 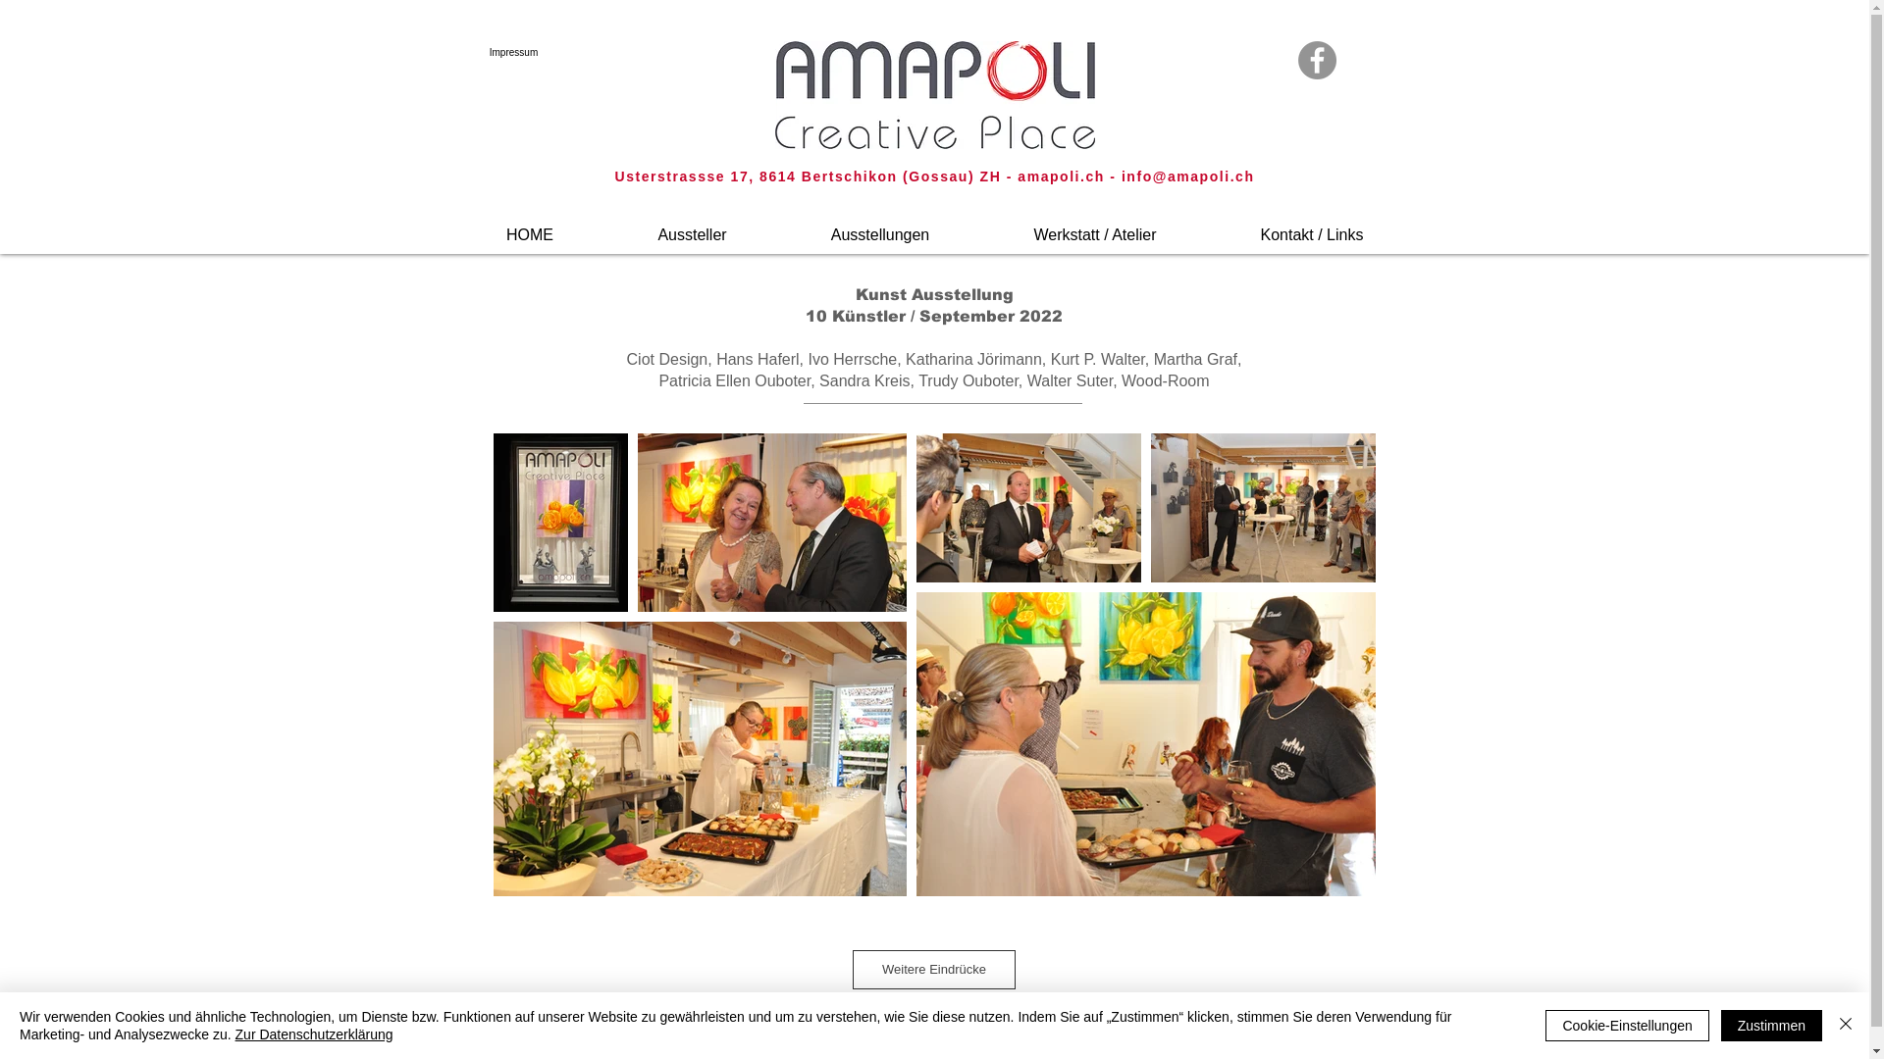 What do you see at coordinates (605, 226) in the screenshot?
I see `'Aussteller'` at bounding box center [605, 226].